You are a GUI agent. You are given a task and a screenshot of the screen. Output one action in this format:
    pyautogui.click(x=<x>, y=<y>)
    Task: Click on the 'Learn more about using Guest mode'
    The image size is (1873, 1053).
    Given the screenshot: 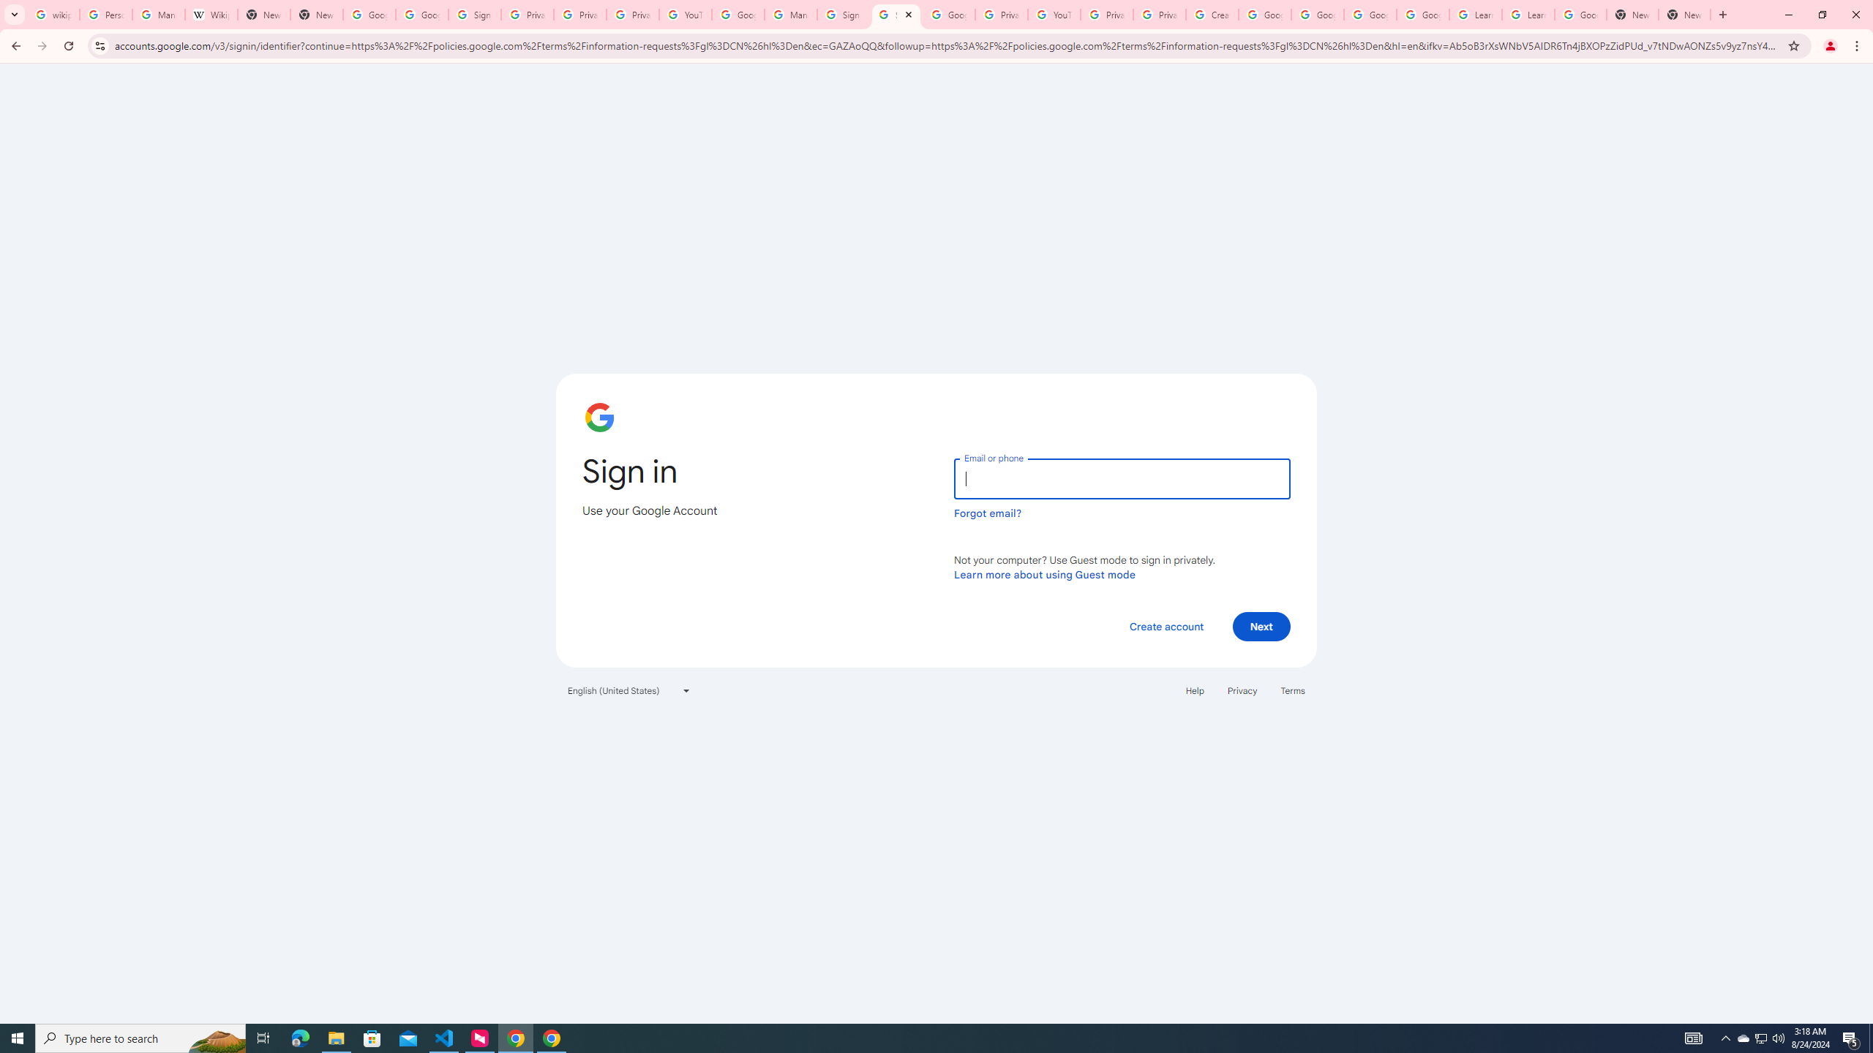 What is the action you would take?
    pyautogui.click(x=1044, y=574)
    